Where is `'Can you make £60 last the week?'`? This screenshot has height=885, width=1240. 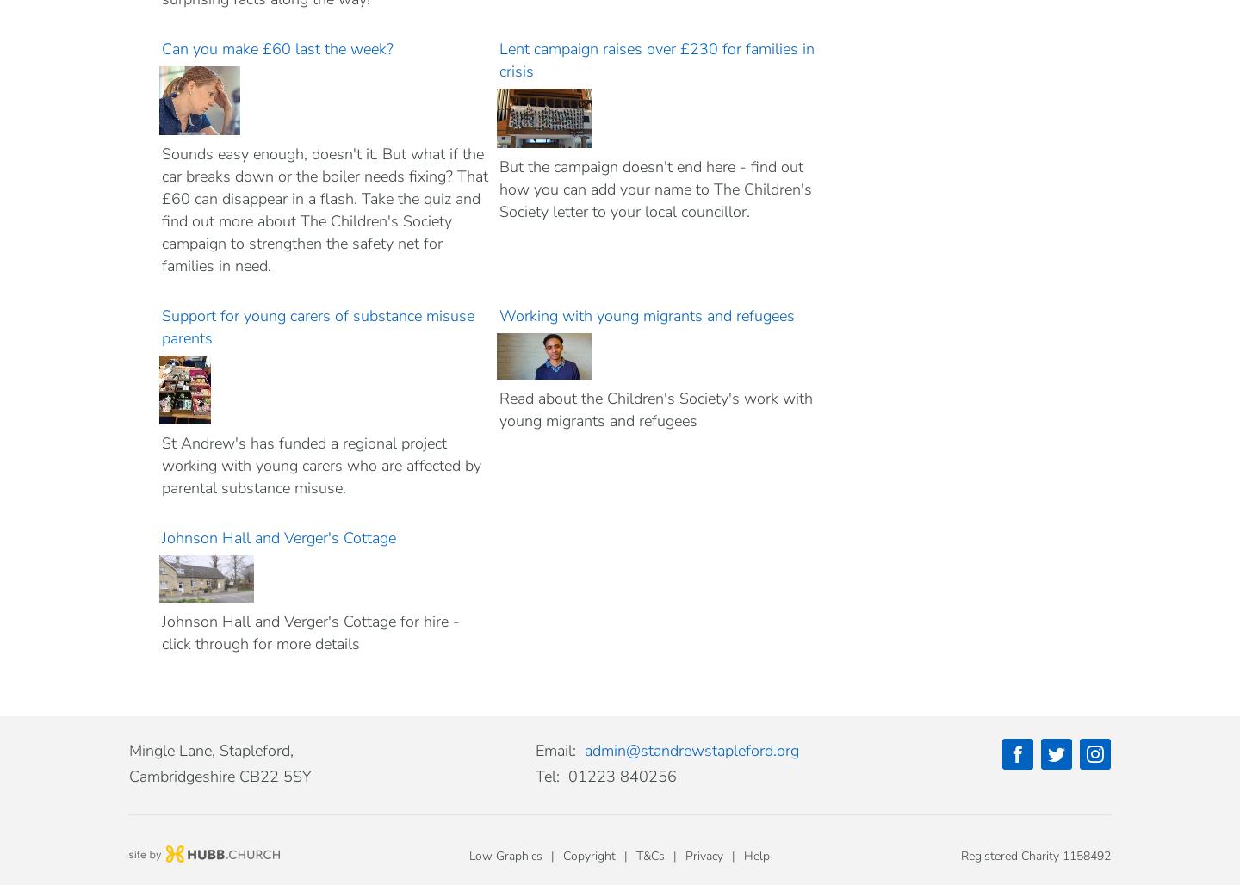
'Can you make £60 last the week?' is located at coordinates (162, 48).